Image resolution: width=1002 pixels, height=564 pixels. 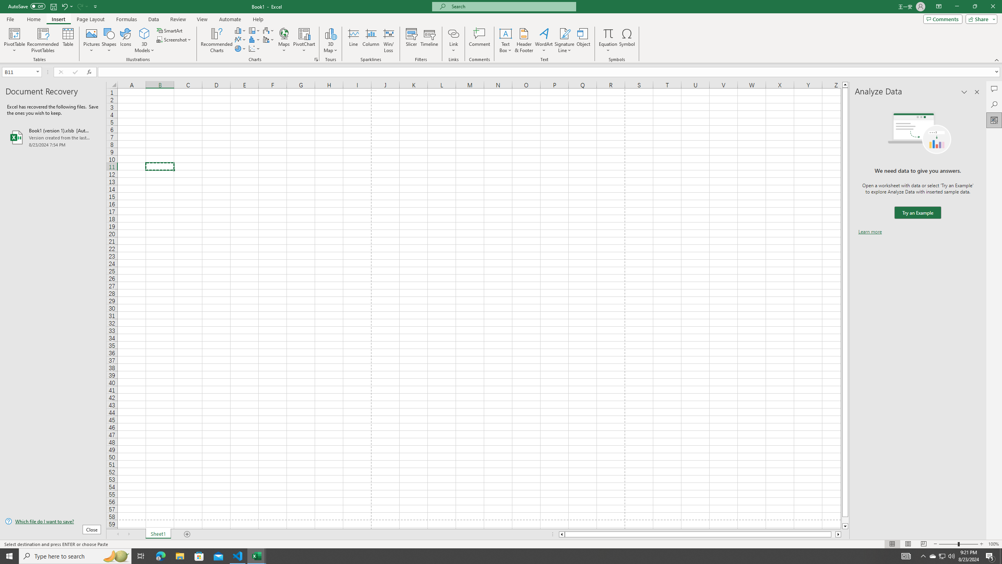 What do you see at coordinates (109, 40) in the screenshot?
I see `'Shapes'` at bounding box center [109, 40].